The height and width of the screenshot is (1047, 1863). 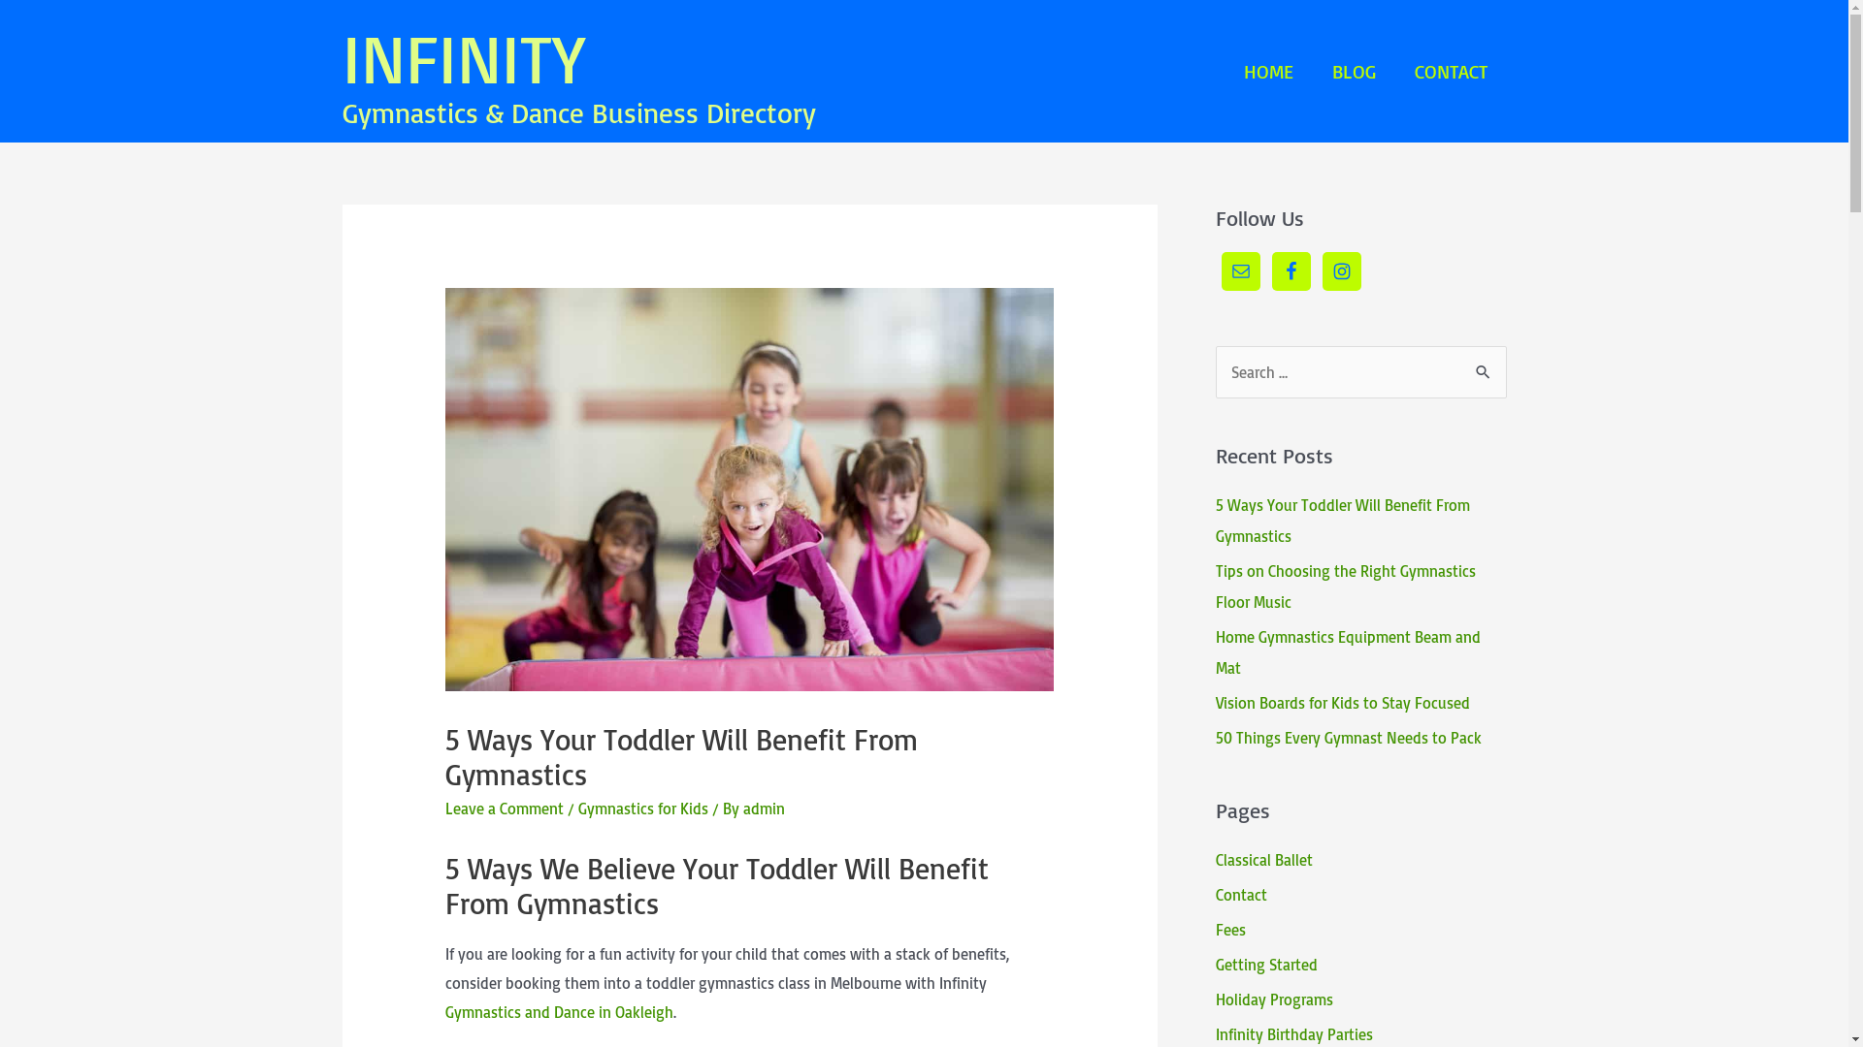 What do you see at coordinates (461, 55) in the screenshot?
I see `'INFINITY'` at bounding box center [461, 55].